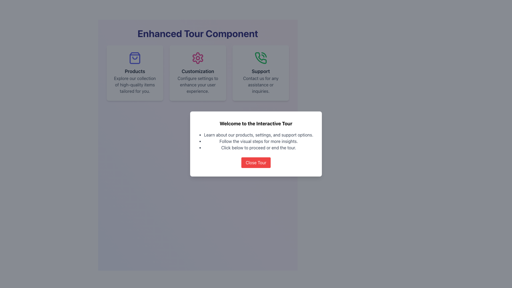 This screenshot has width=512, height=288. What do you see at coordinates (261, 73) in the screenshot?
I see `the Informational Card that provides contact information or support services, located in the third column of the grid, positioned to the right of the 'Customization' item and below the main heading` at bounding box center [261, 73].